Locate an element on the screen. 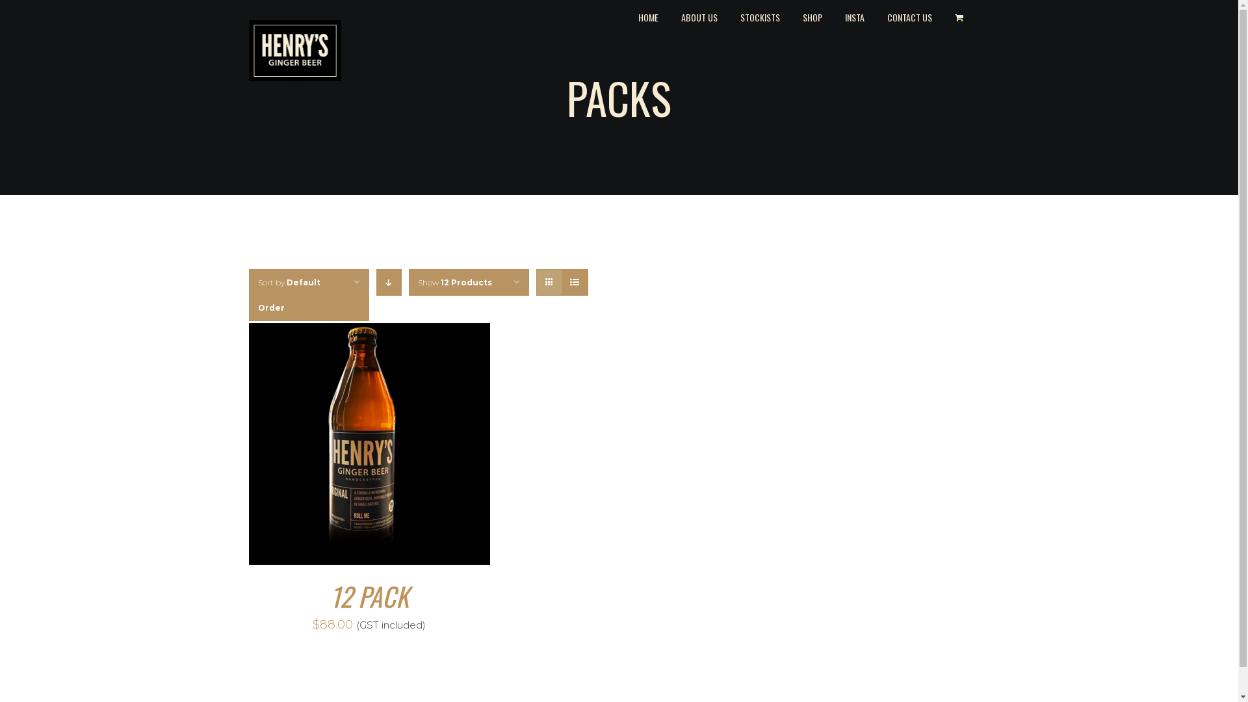  '12 PACK' is located at coordinates (369, 596).